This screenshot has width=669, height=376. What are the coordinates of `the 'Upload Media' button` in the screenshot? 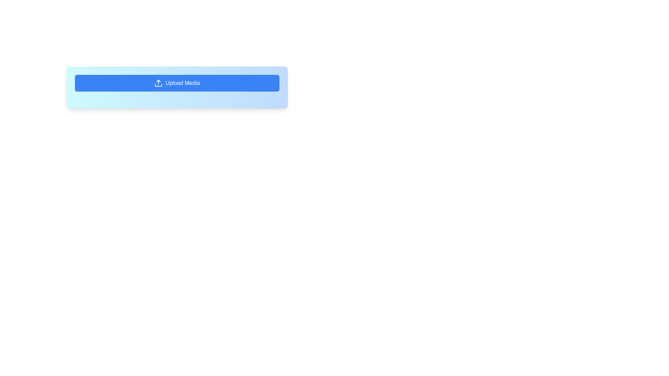 It's located at (177, 83).